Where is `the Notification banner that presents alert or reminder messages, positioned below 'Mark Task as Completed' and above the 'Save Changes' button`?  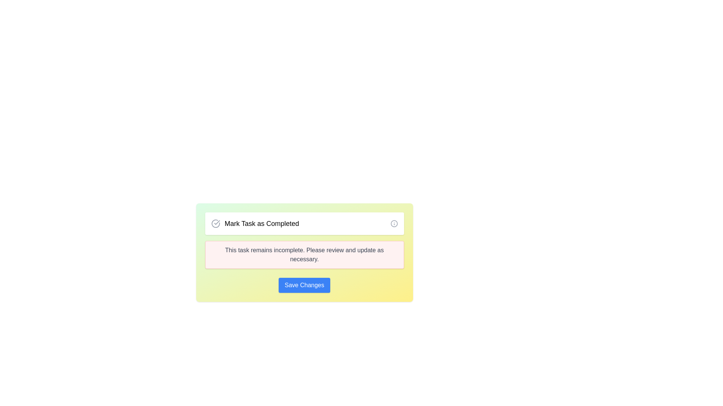 the Notification banner that presents alert or reminder messages, positioned below 'Mark Task as Completed' and above the 'Save Changes' button is located at coordinates (304, 255).